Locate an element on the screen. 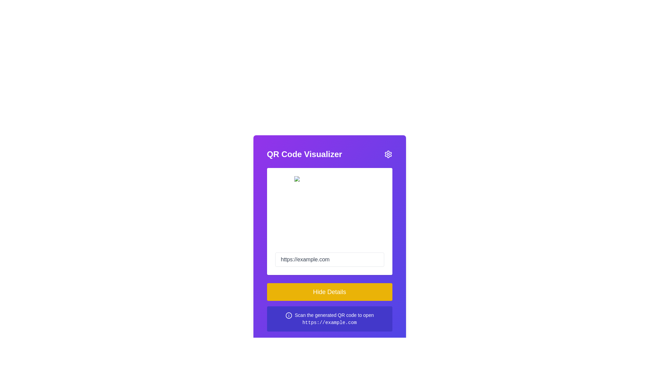  the primary circular SVG element in the upper right corner of the QR Code Visualizer interface is located at coordinates (289, 316).